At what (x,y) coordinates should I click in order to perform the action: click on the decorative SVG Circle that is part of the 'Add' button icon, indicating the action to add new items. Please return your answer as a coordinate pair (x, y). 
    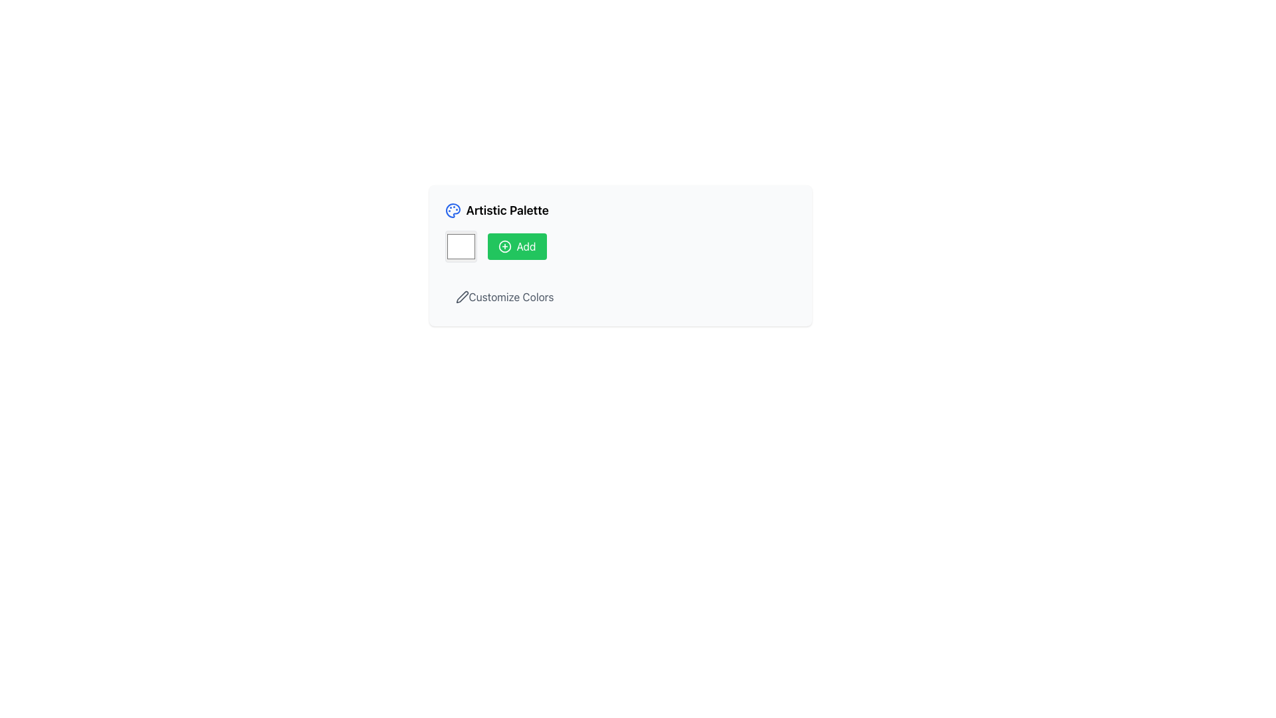
    Looking at the image, I should click on (504, 246).